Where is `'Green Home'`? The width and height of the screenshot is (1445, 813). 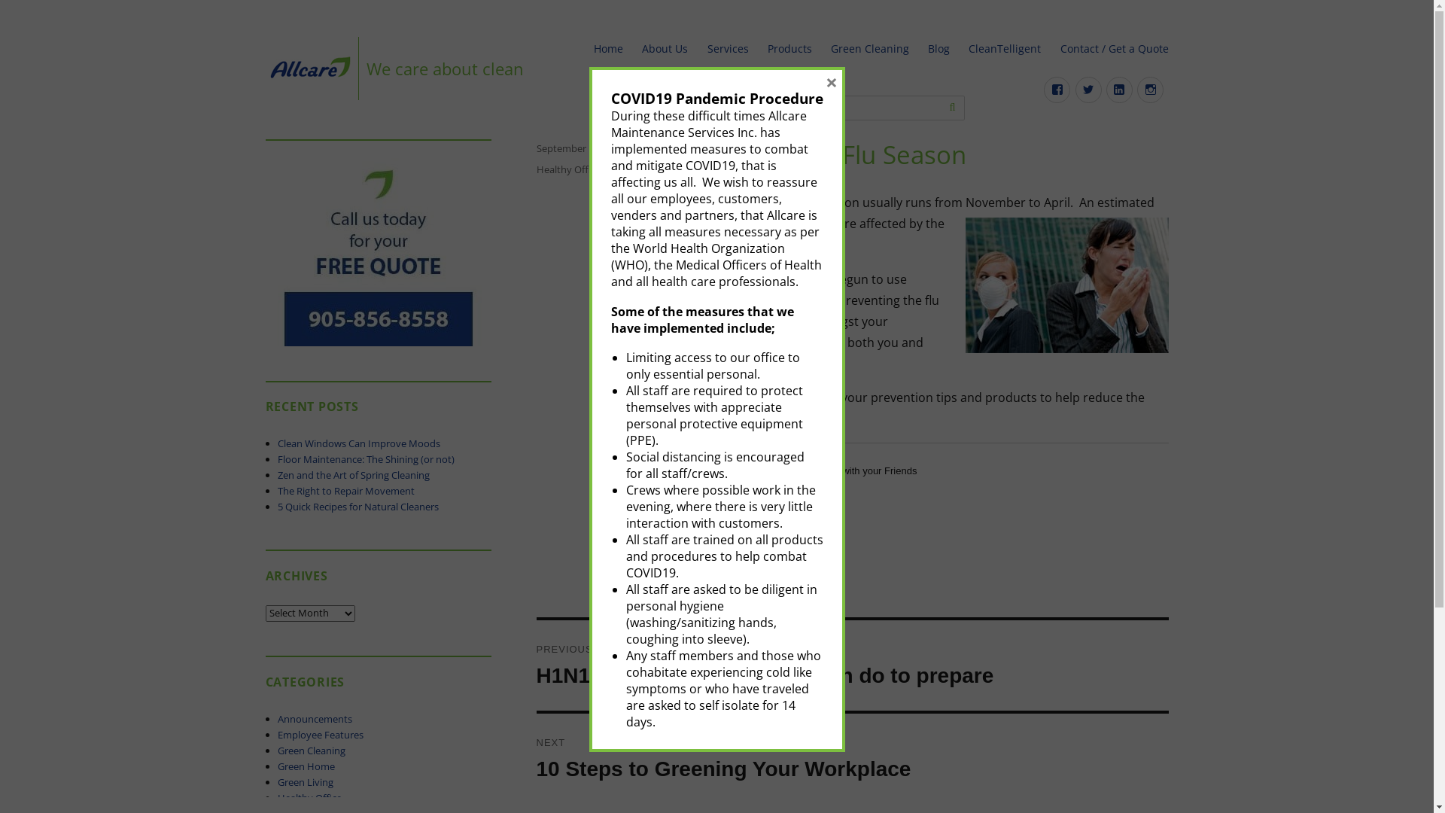
'Green Home' is located at coordinates (306, 766).